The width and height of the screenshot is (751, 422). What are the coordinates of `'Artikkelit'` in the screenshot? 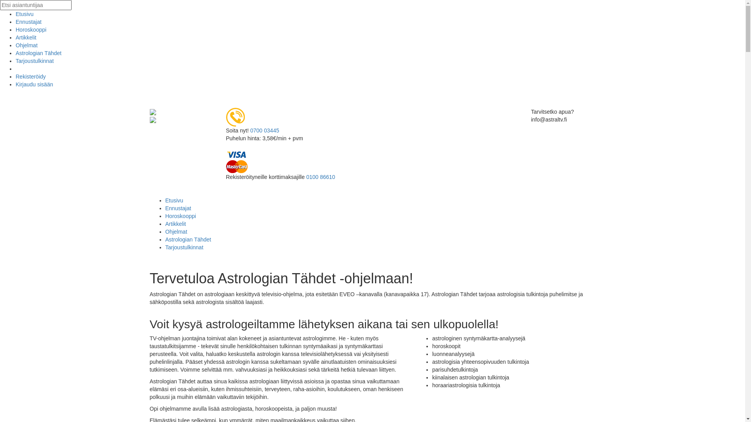 It's located at (175, 224).